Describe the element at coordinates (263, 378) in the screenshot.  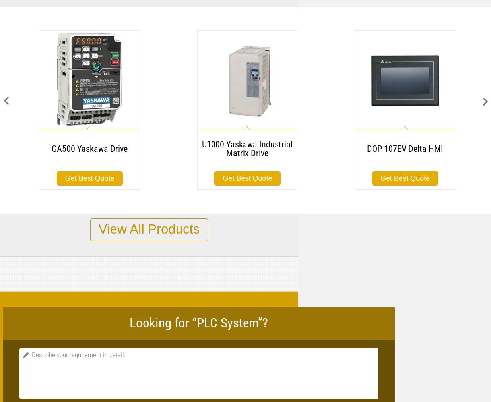
I see `'Simulator (optional): For simulating the integrated inputs and for testing the user program.'` at that location.